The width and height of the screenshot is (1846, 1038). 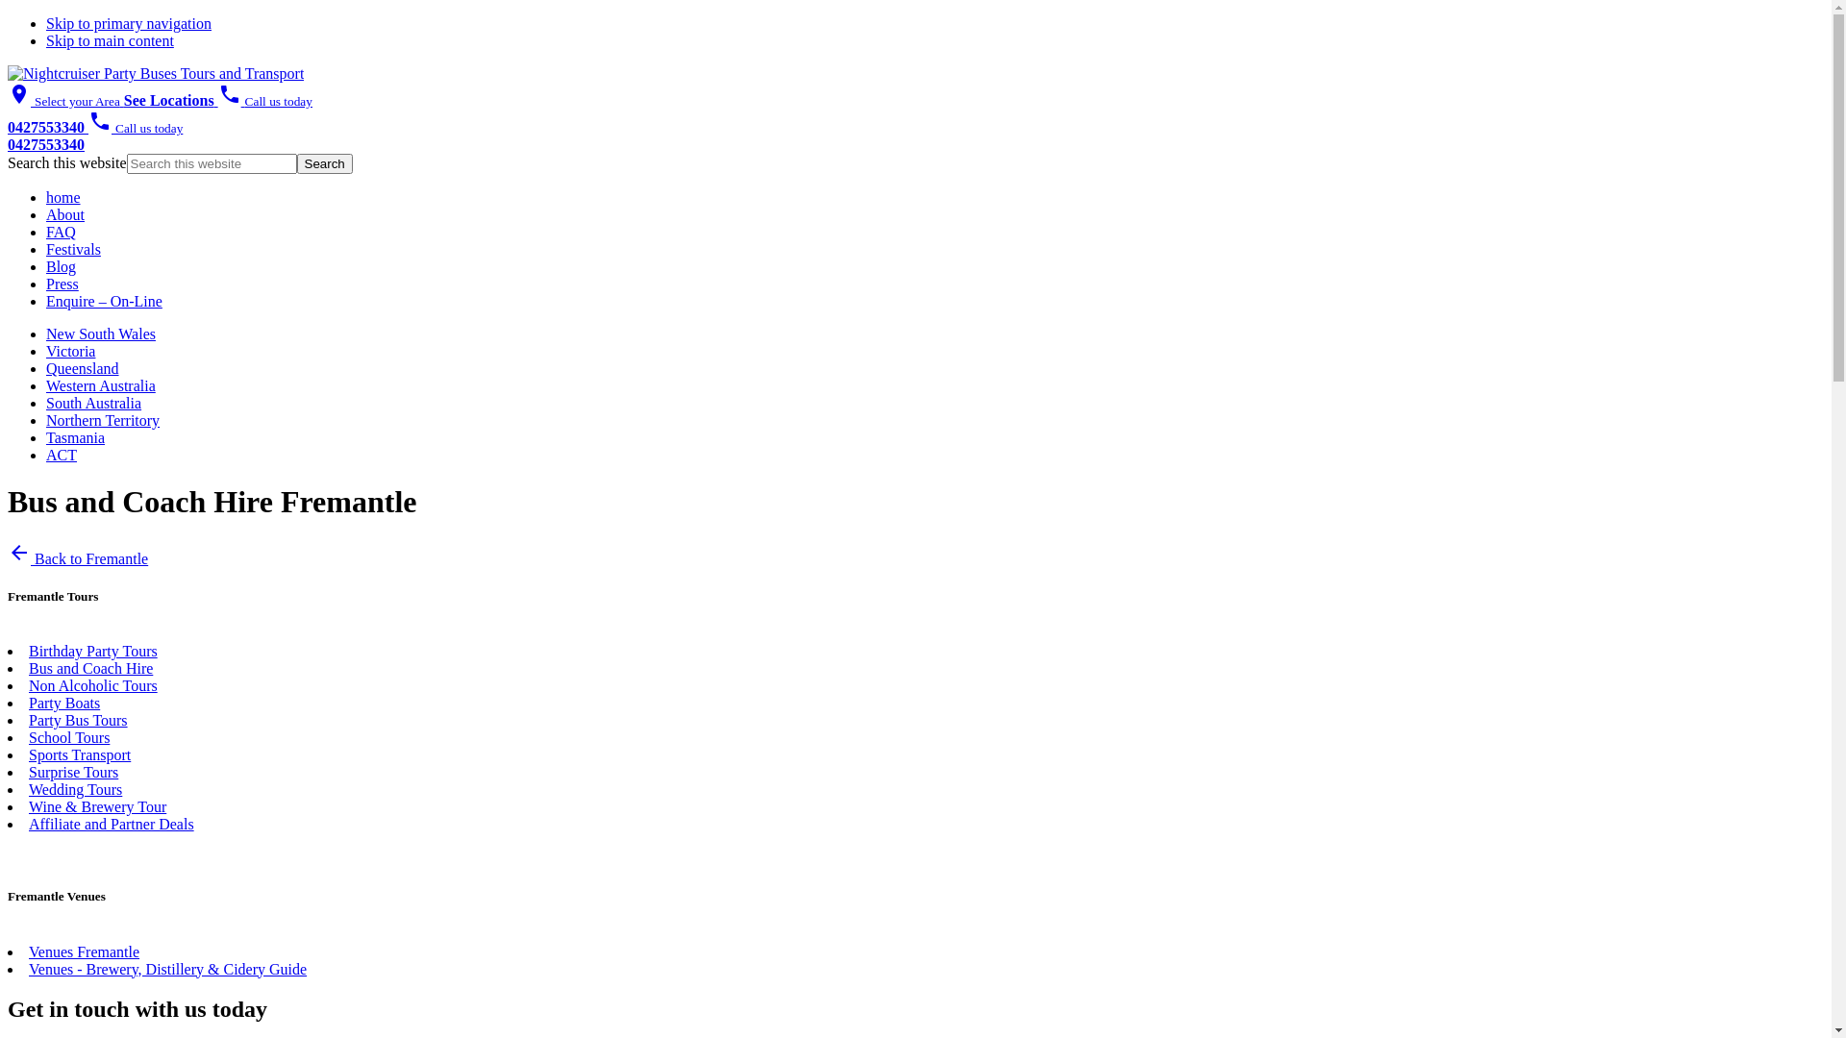 What do you see at coordinates (96, 806) in the screenshot?
I see `'Wine & Brewery Tour'` at bounding box center [96, 806].